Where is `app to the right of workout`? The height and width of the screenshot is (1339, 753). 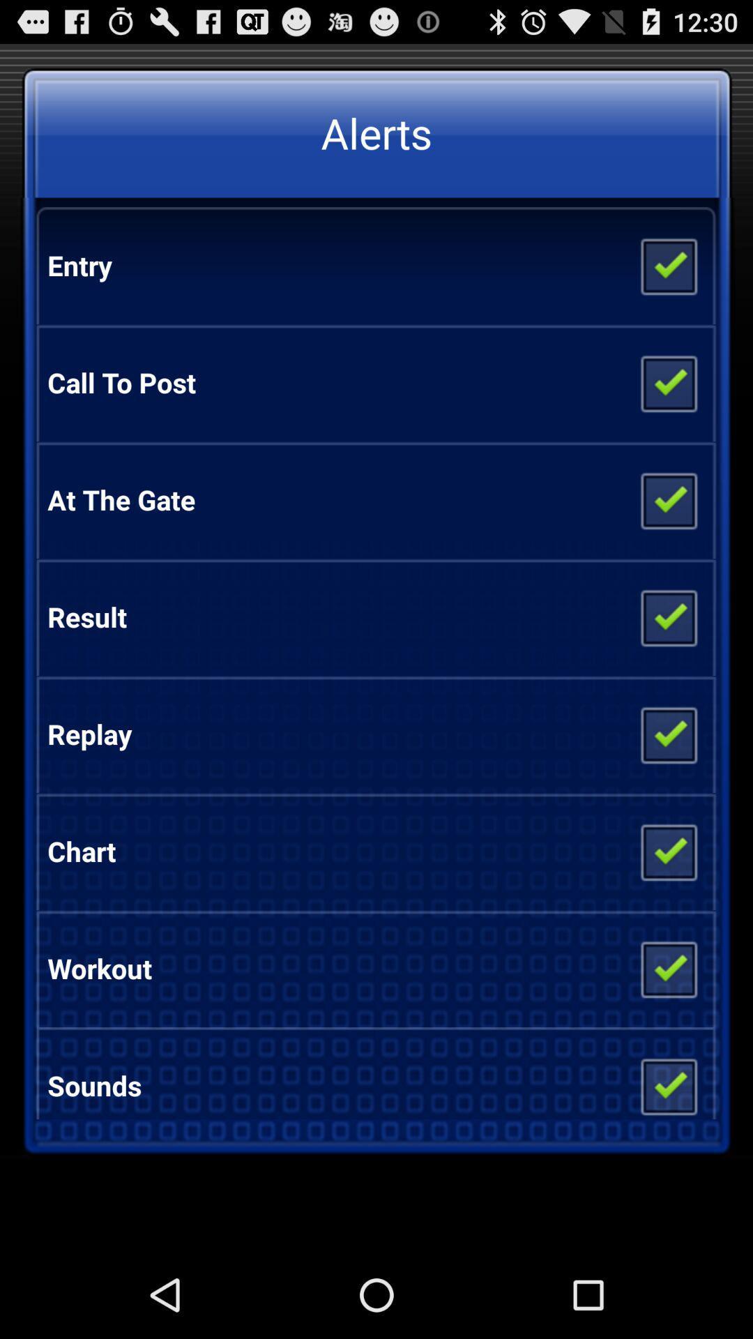
app to the right of workout is located at coordinates (667, 967).